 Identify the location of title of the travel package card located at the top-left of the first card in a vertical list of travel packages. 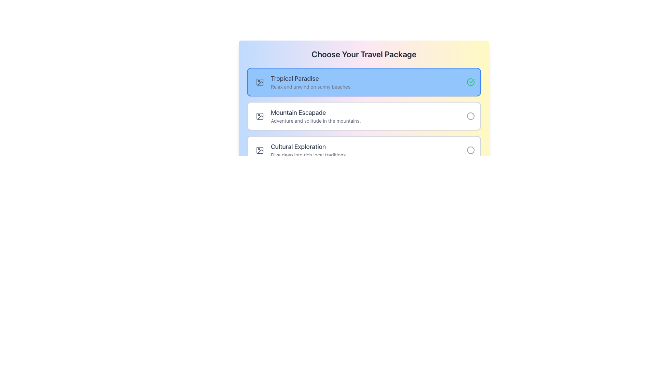
(366, 78).